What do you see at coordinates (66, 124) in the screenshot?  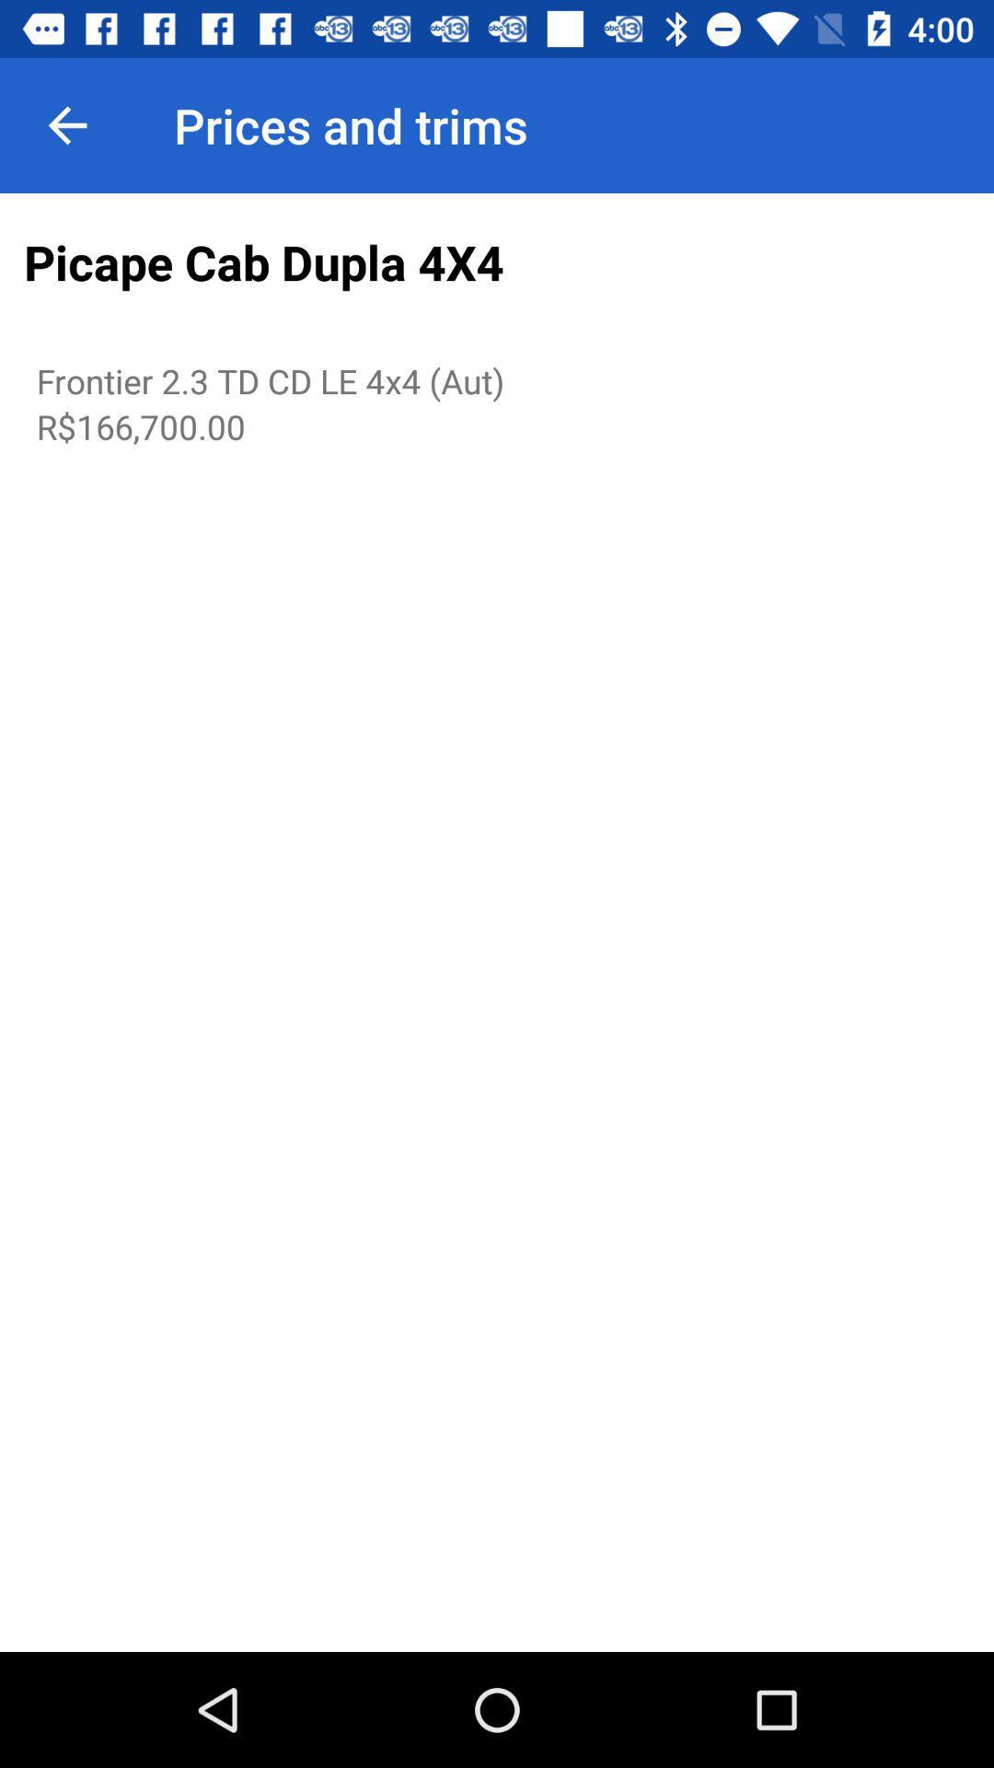 I see `the item to the left of the prices and trims` at bounding box center [66, 124].